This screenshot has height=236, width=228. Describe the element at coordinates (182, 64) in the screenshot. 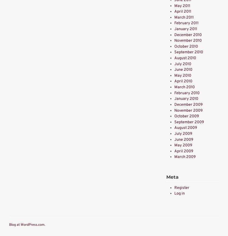

I see `'July 2010'` at that location.